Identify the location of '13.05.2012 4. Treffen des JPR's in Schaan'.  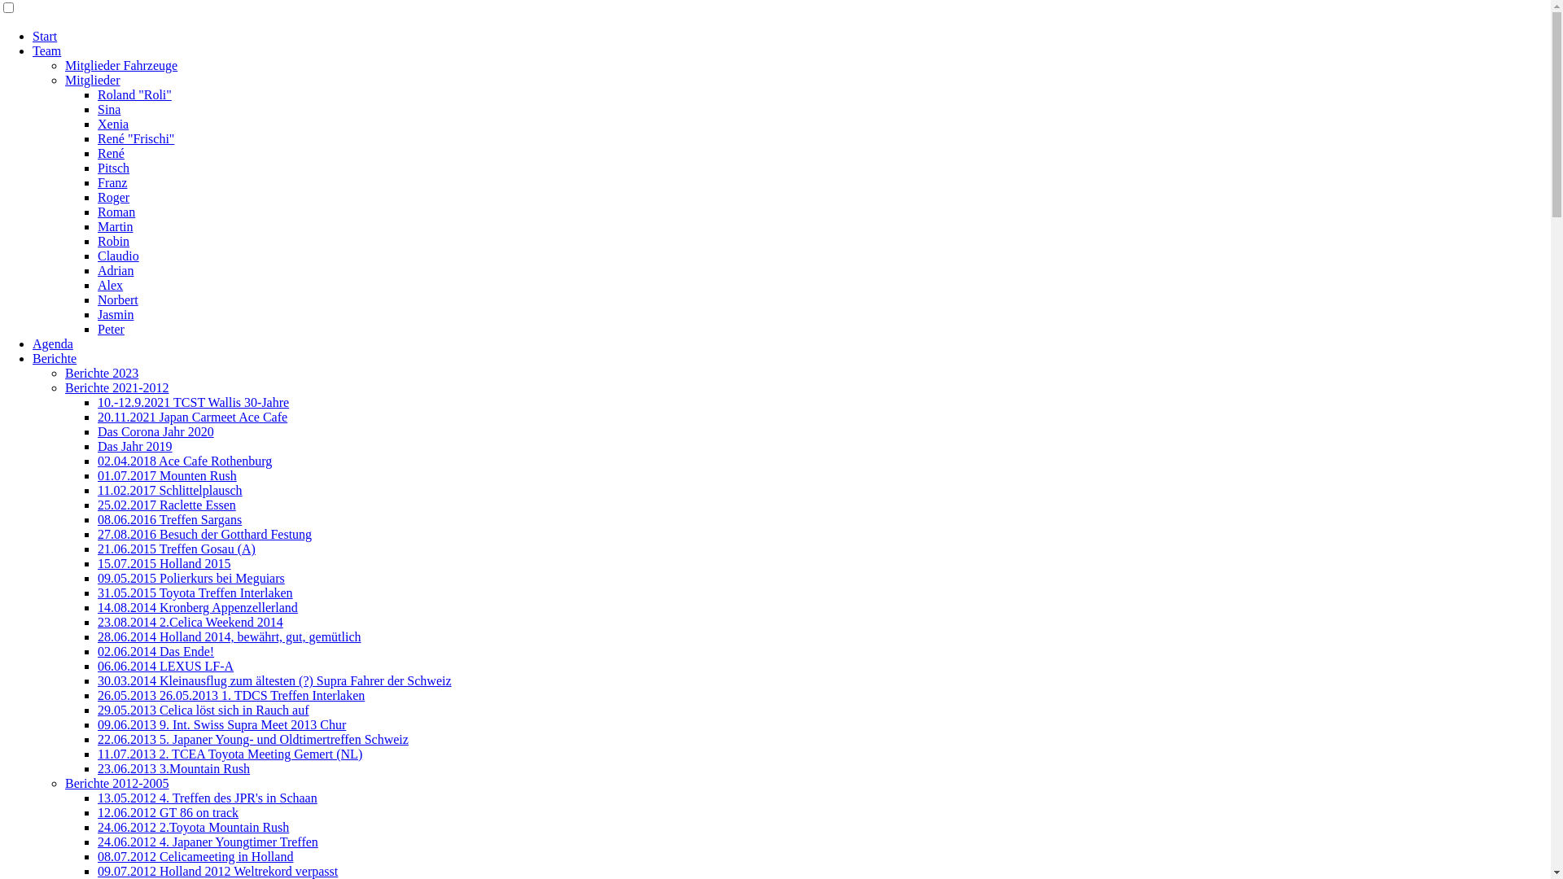
(206, 797).